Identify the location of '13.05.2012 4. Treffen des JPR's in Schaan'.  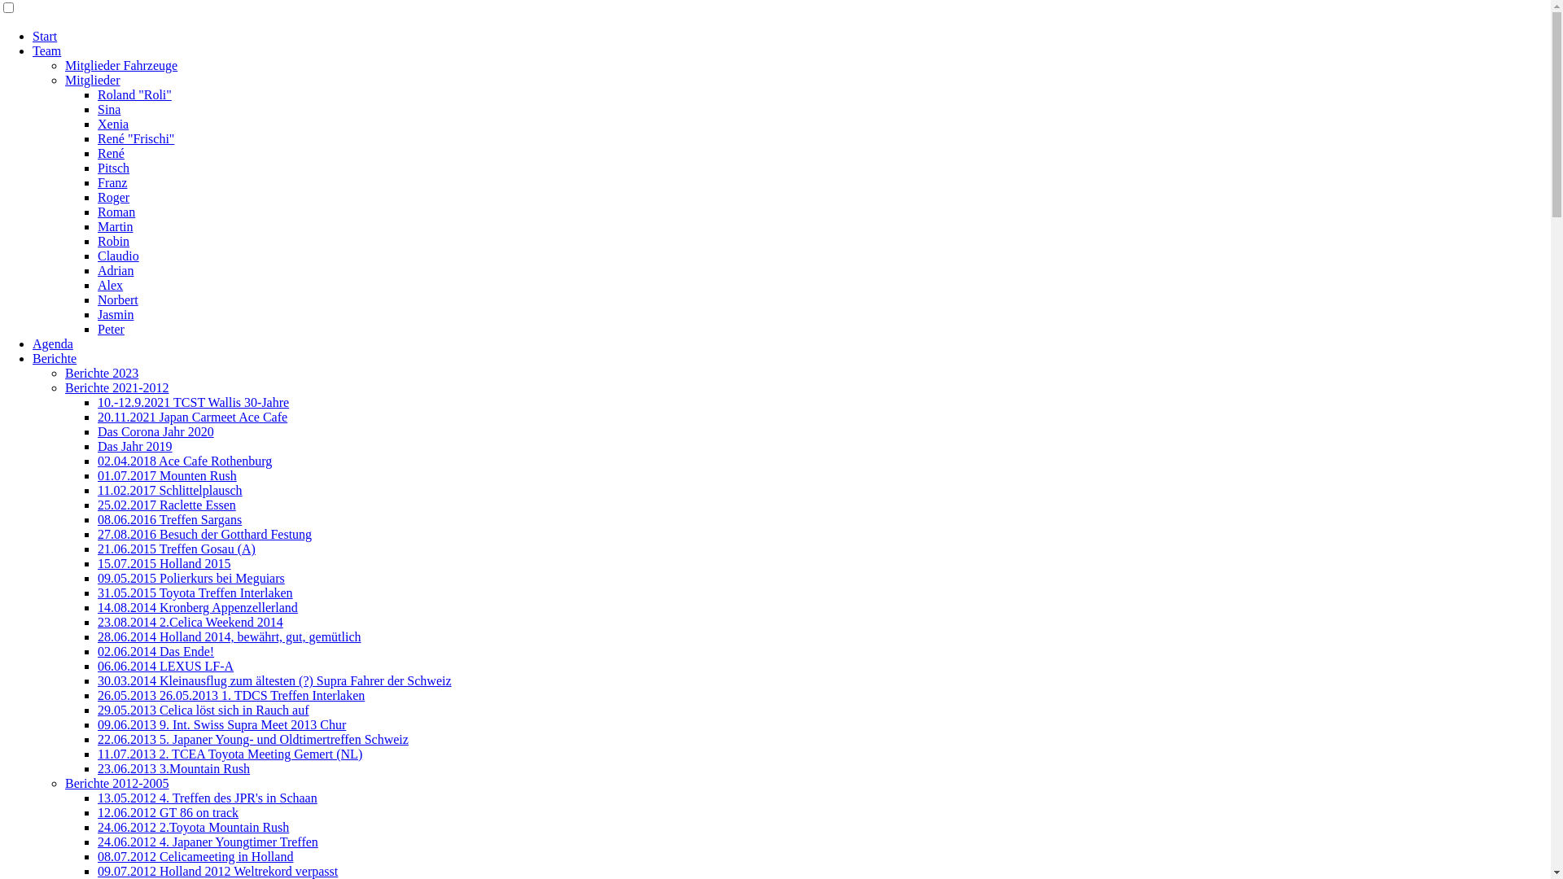
(206, 797).